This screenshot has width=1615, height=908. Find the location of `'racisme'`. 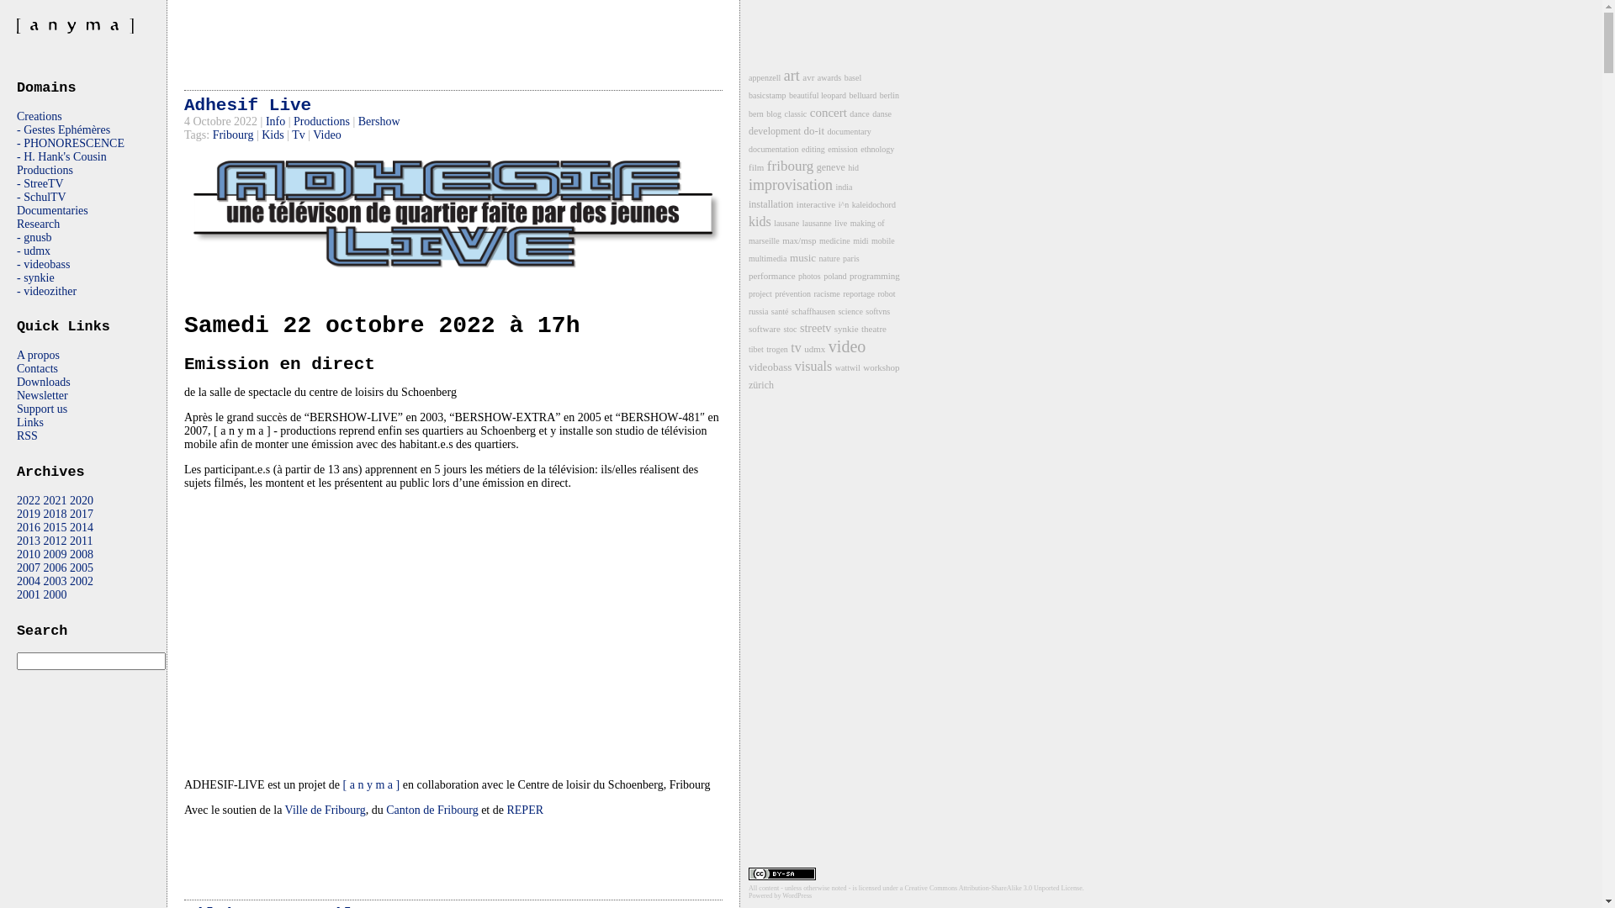

'racisme' is located at coordinates (827, 293).